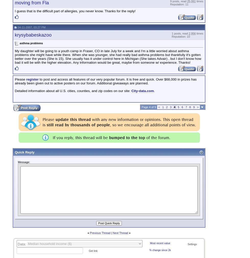 The width and height of the screenshot is (250, 258). I want to click on '.', so click(154, 91).